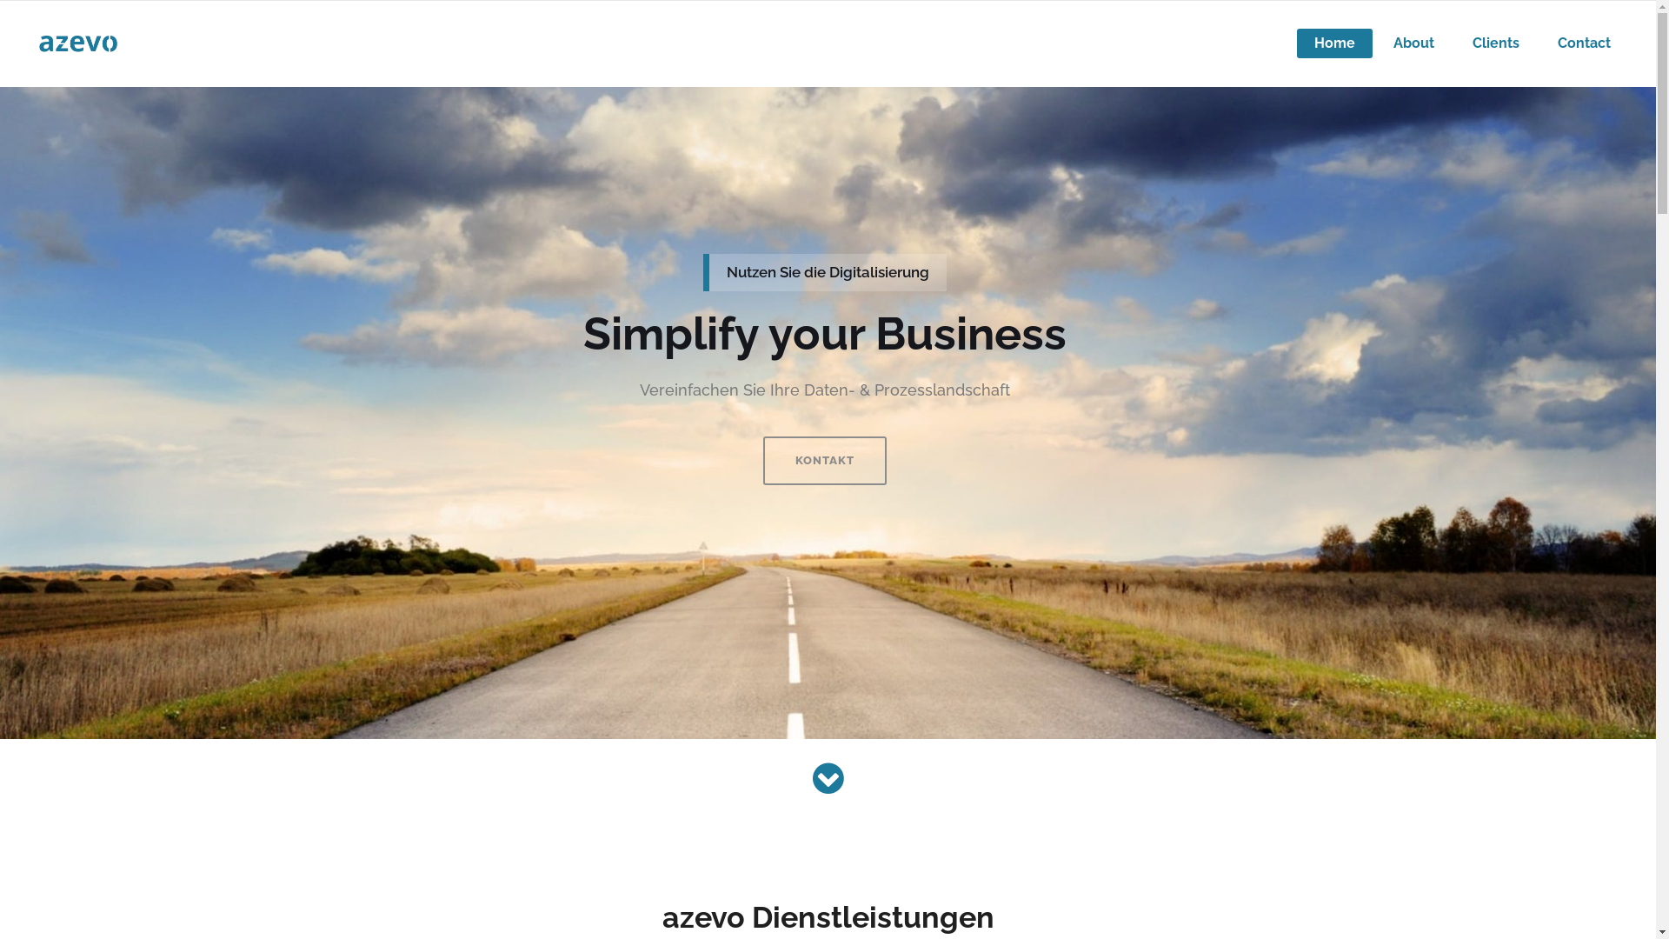 This screenshot has height=939, width=1669. What do you see at coordinates (1333, 43) in the screenshot?
I see `'Home'` at bounding box center [1333, 43].